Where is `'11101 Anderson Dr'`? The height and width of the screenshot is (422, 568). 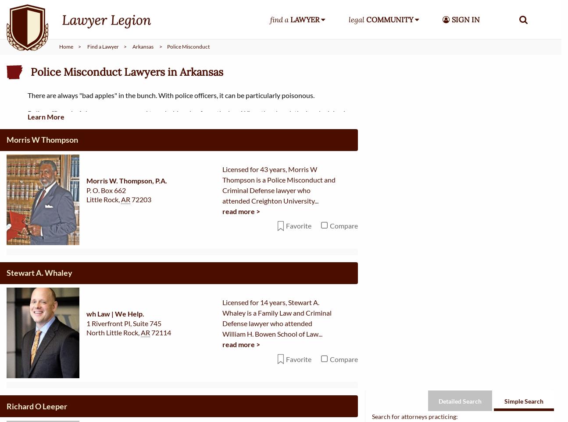
'11101 Anderson Dr' is located at coordinates (117, 416).